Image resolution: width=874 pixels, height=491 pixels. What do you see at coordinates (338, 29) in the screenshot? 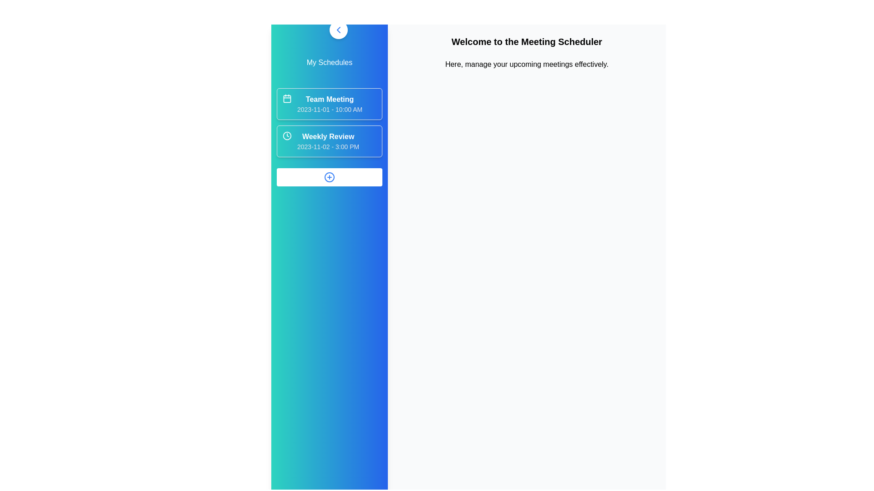
I see `the drawer toggle button to toggle the drawer's open/close state` at bounding box center [338, 29].